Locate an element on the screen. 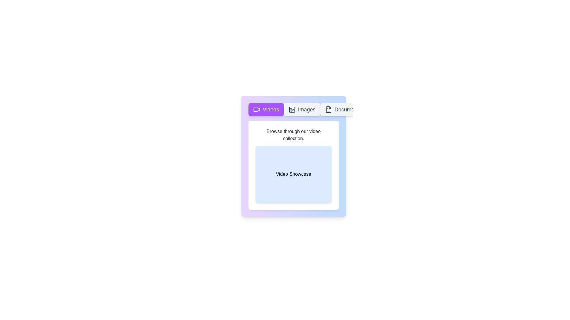 This screenshot has height=320, width=570. the navigation button located between the 'Videos' and 'Documents' buttons is located at coordinates (302, 110).